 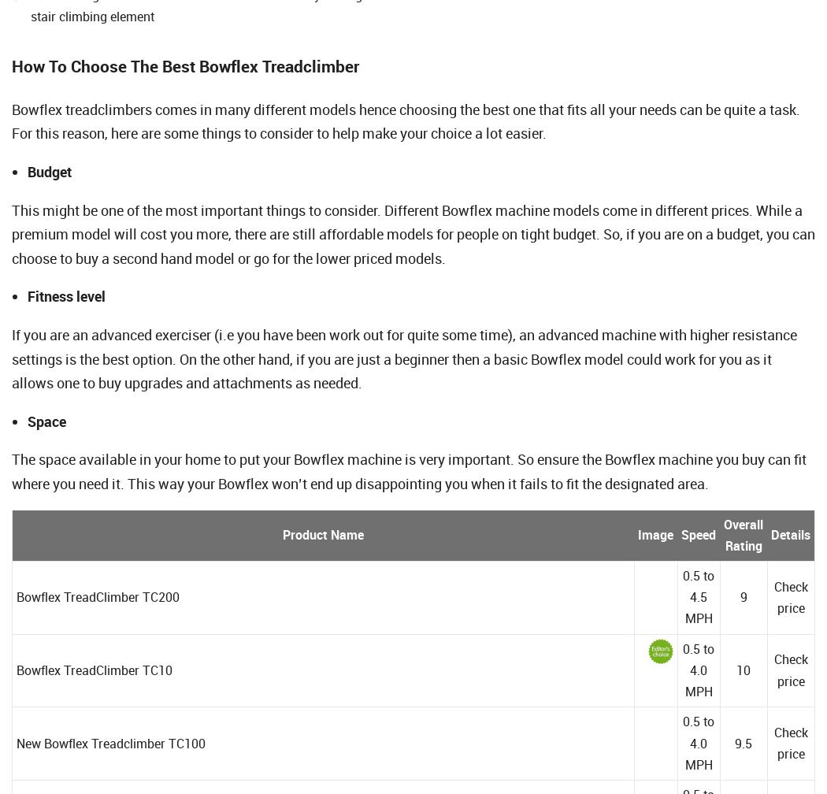 What do you see at coordinates (12, 121) in the screenshot?
I see `'Bowflex treadclimbers comes in many different models hence choosing the best one that fits all your needs can be quite a task. For this reason, here are some things to consider to help make your choice a lot easier.'` at bounding box center [12, 121].